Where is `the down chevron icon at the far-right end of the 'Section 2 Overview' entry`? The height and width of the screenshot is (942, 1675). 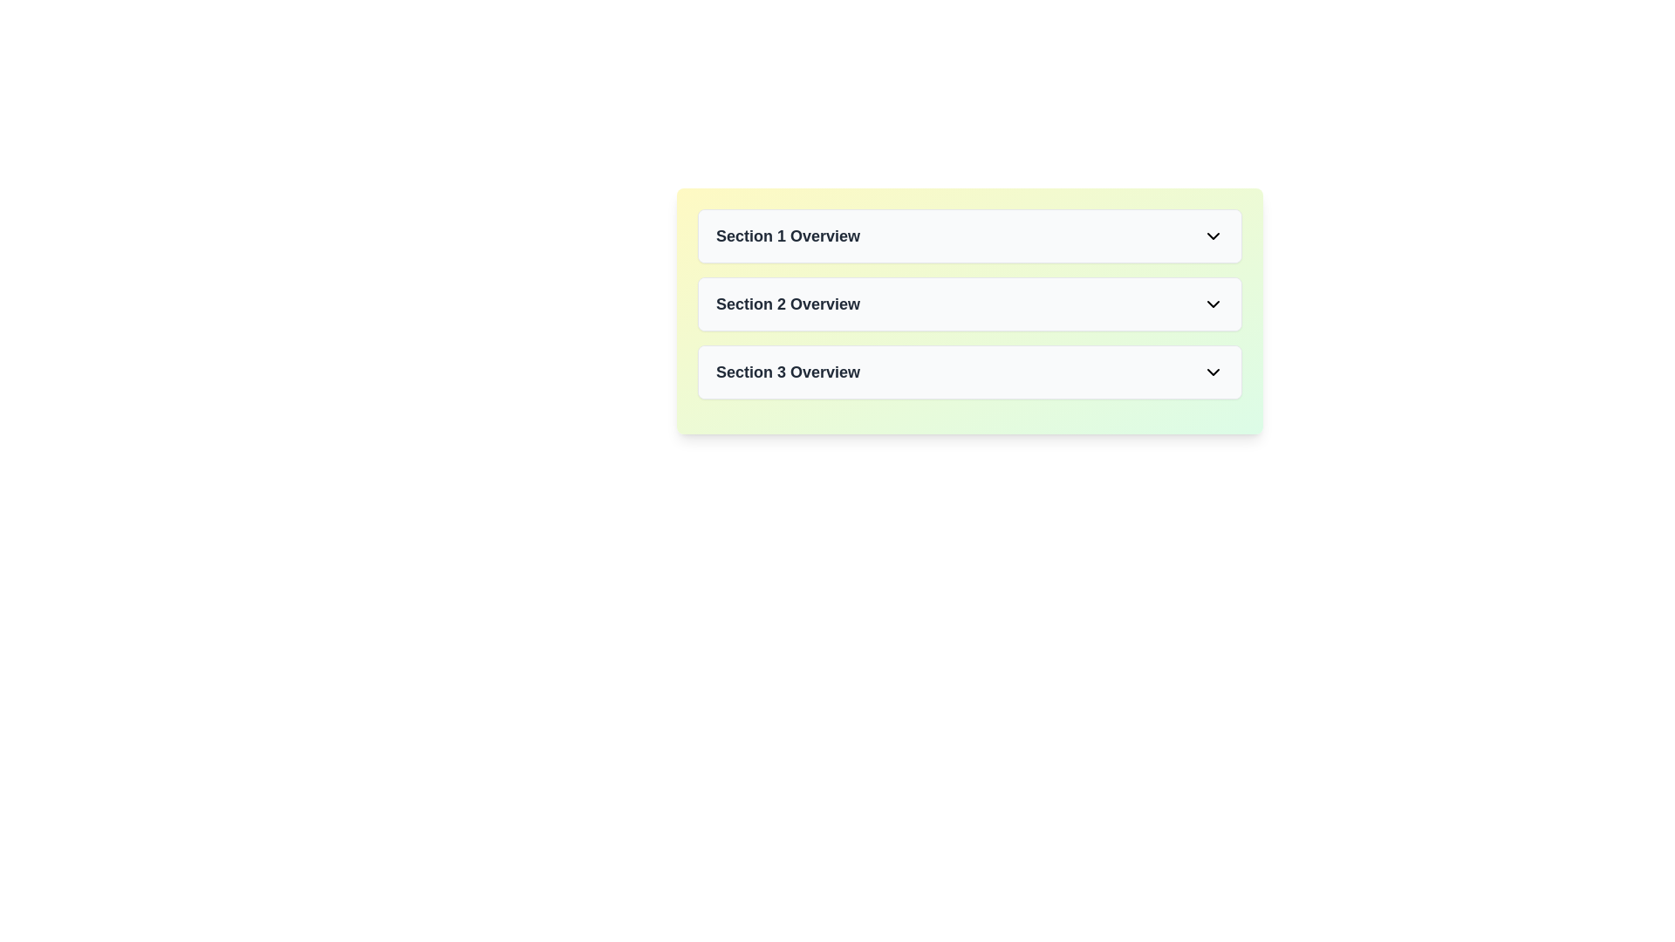 the down chevron icon at the far-right end of the 'Section 2 Overview' entry is located at coordinates (1213, 303).